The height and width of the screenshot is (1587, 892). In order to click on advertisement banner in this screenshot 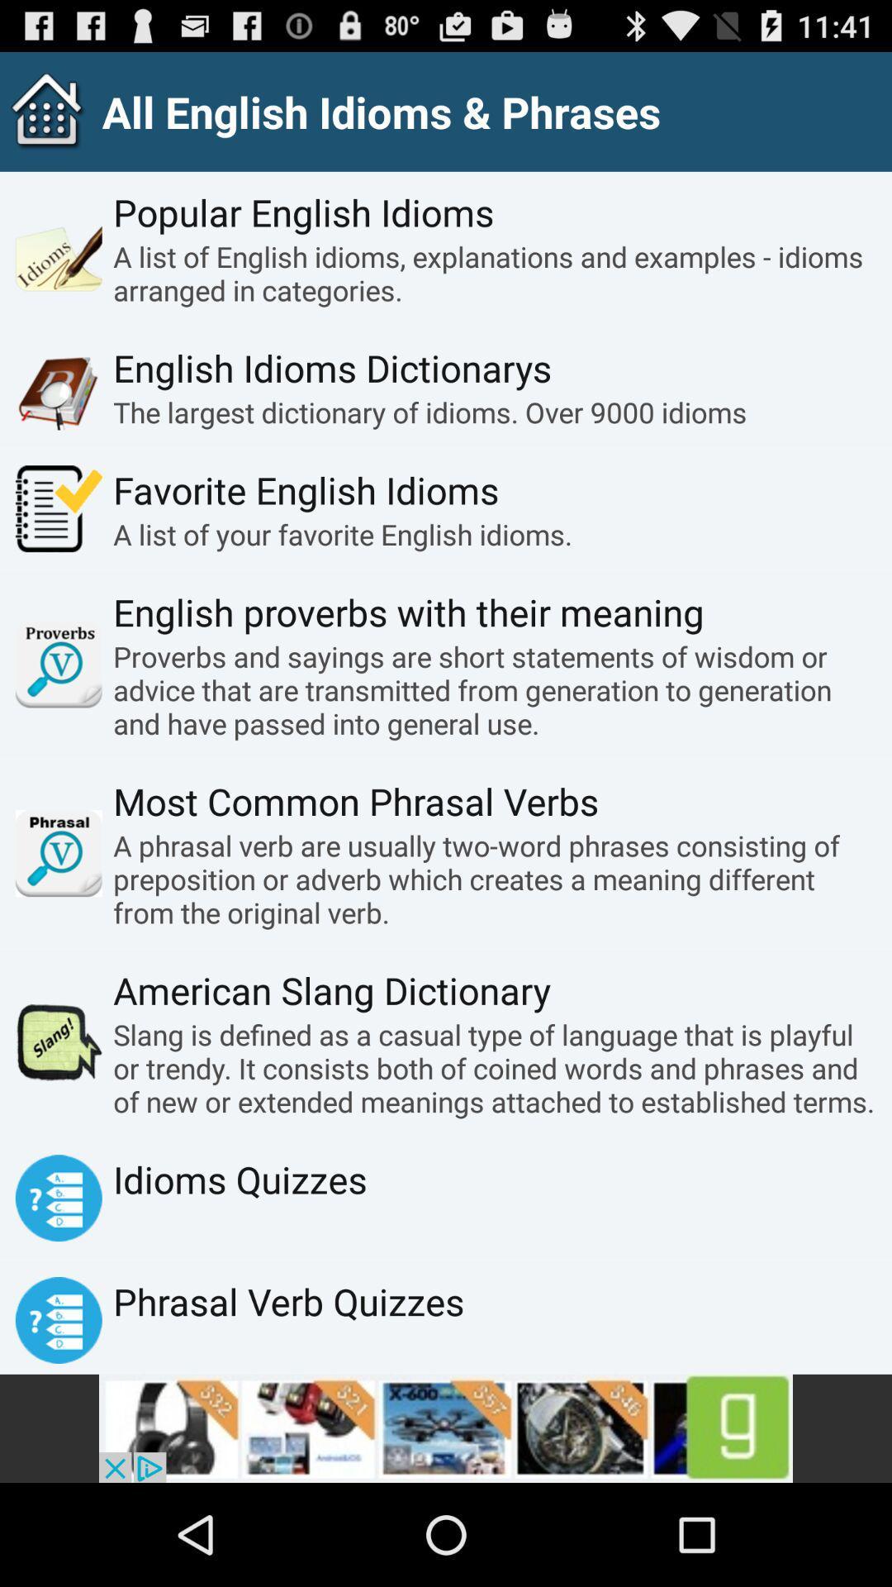, I will do `click(446, 1427)`.